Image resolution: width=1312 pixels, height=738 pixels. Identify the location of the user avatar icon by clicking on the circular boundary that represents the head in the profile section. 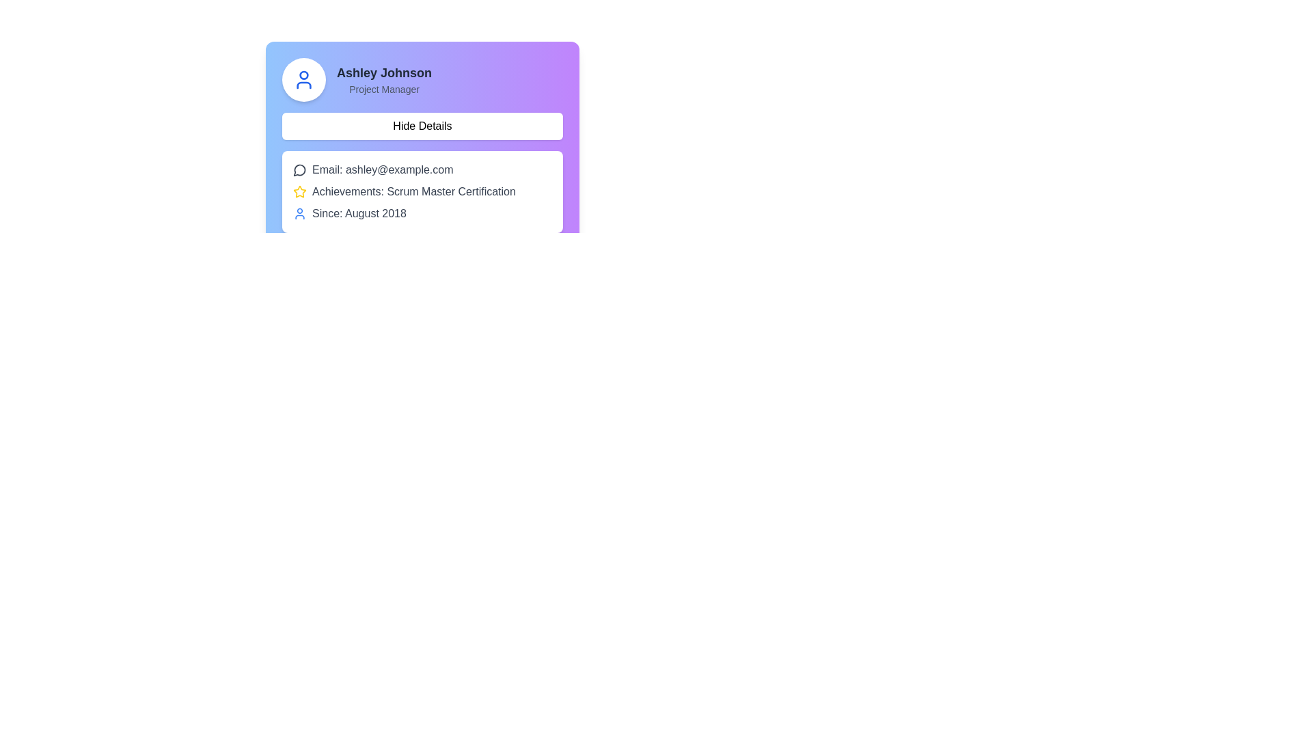
(303, 75).